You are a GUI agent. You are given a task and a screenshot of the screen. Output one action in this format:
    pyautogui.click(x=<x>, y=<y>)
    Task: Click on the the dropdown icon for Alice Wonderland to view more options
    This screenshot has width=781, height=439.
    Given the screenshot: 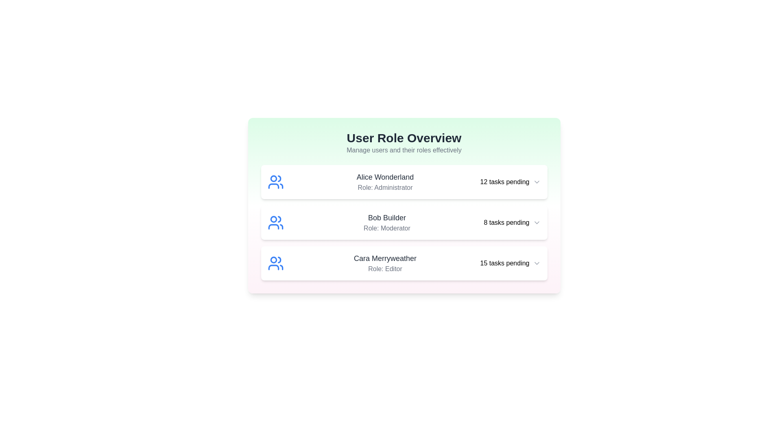 What is the action you would take?
    pyautogui.click(x=537, y=181)
    